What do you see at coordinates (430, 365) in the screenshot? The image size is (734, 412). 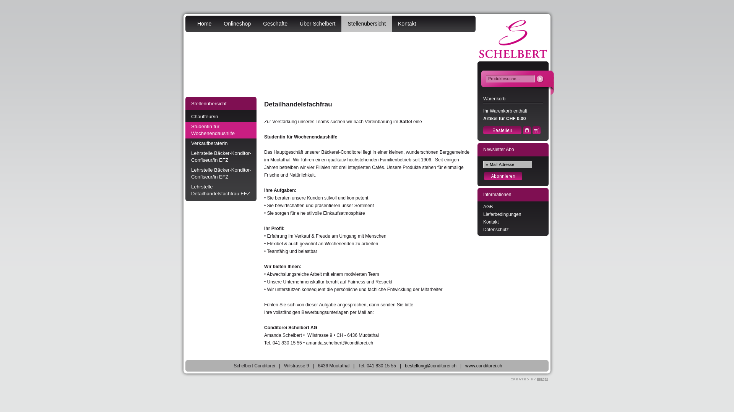 I see `'bestellung@conditorei.ch'` at bounding box center [430, 365].